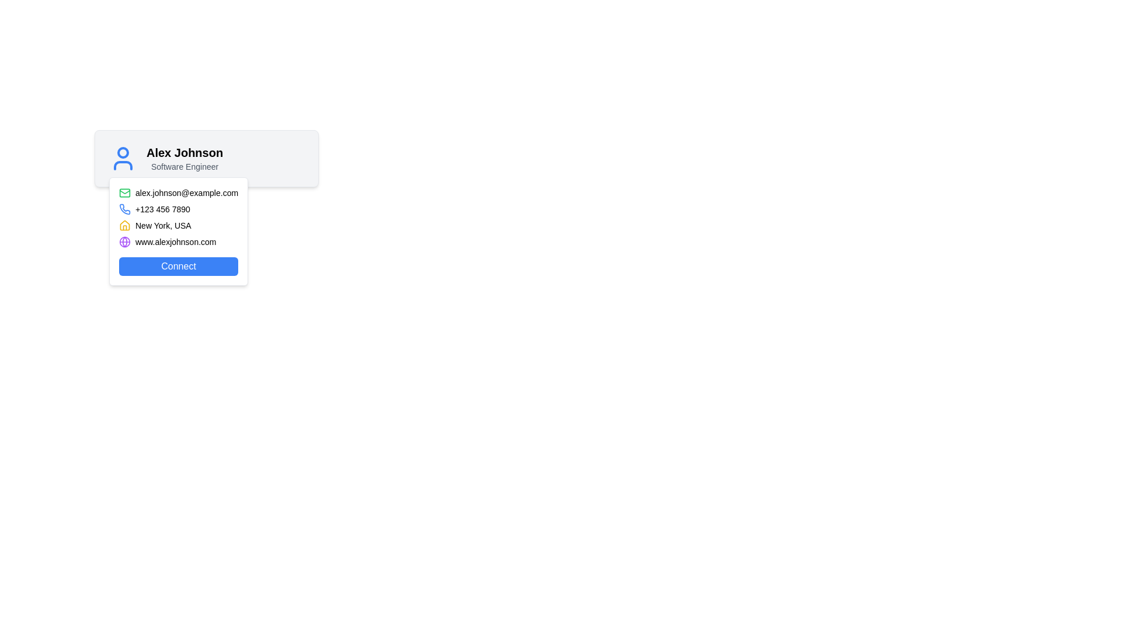 The width and height of the screenshot is (1121, 630). What do you see at coordinates (125, 208) in the screenshot?
I see `the blue phone icon representing the contact information` at bounding box center [125, 208].